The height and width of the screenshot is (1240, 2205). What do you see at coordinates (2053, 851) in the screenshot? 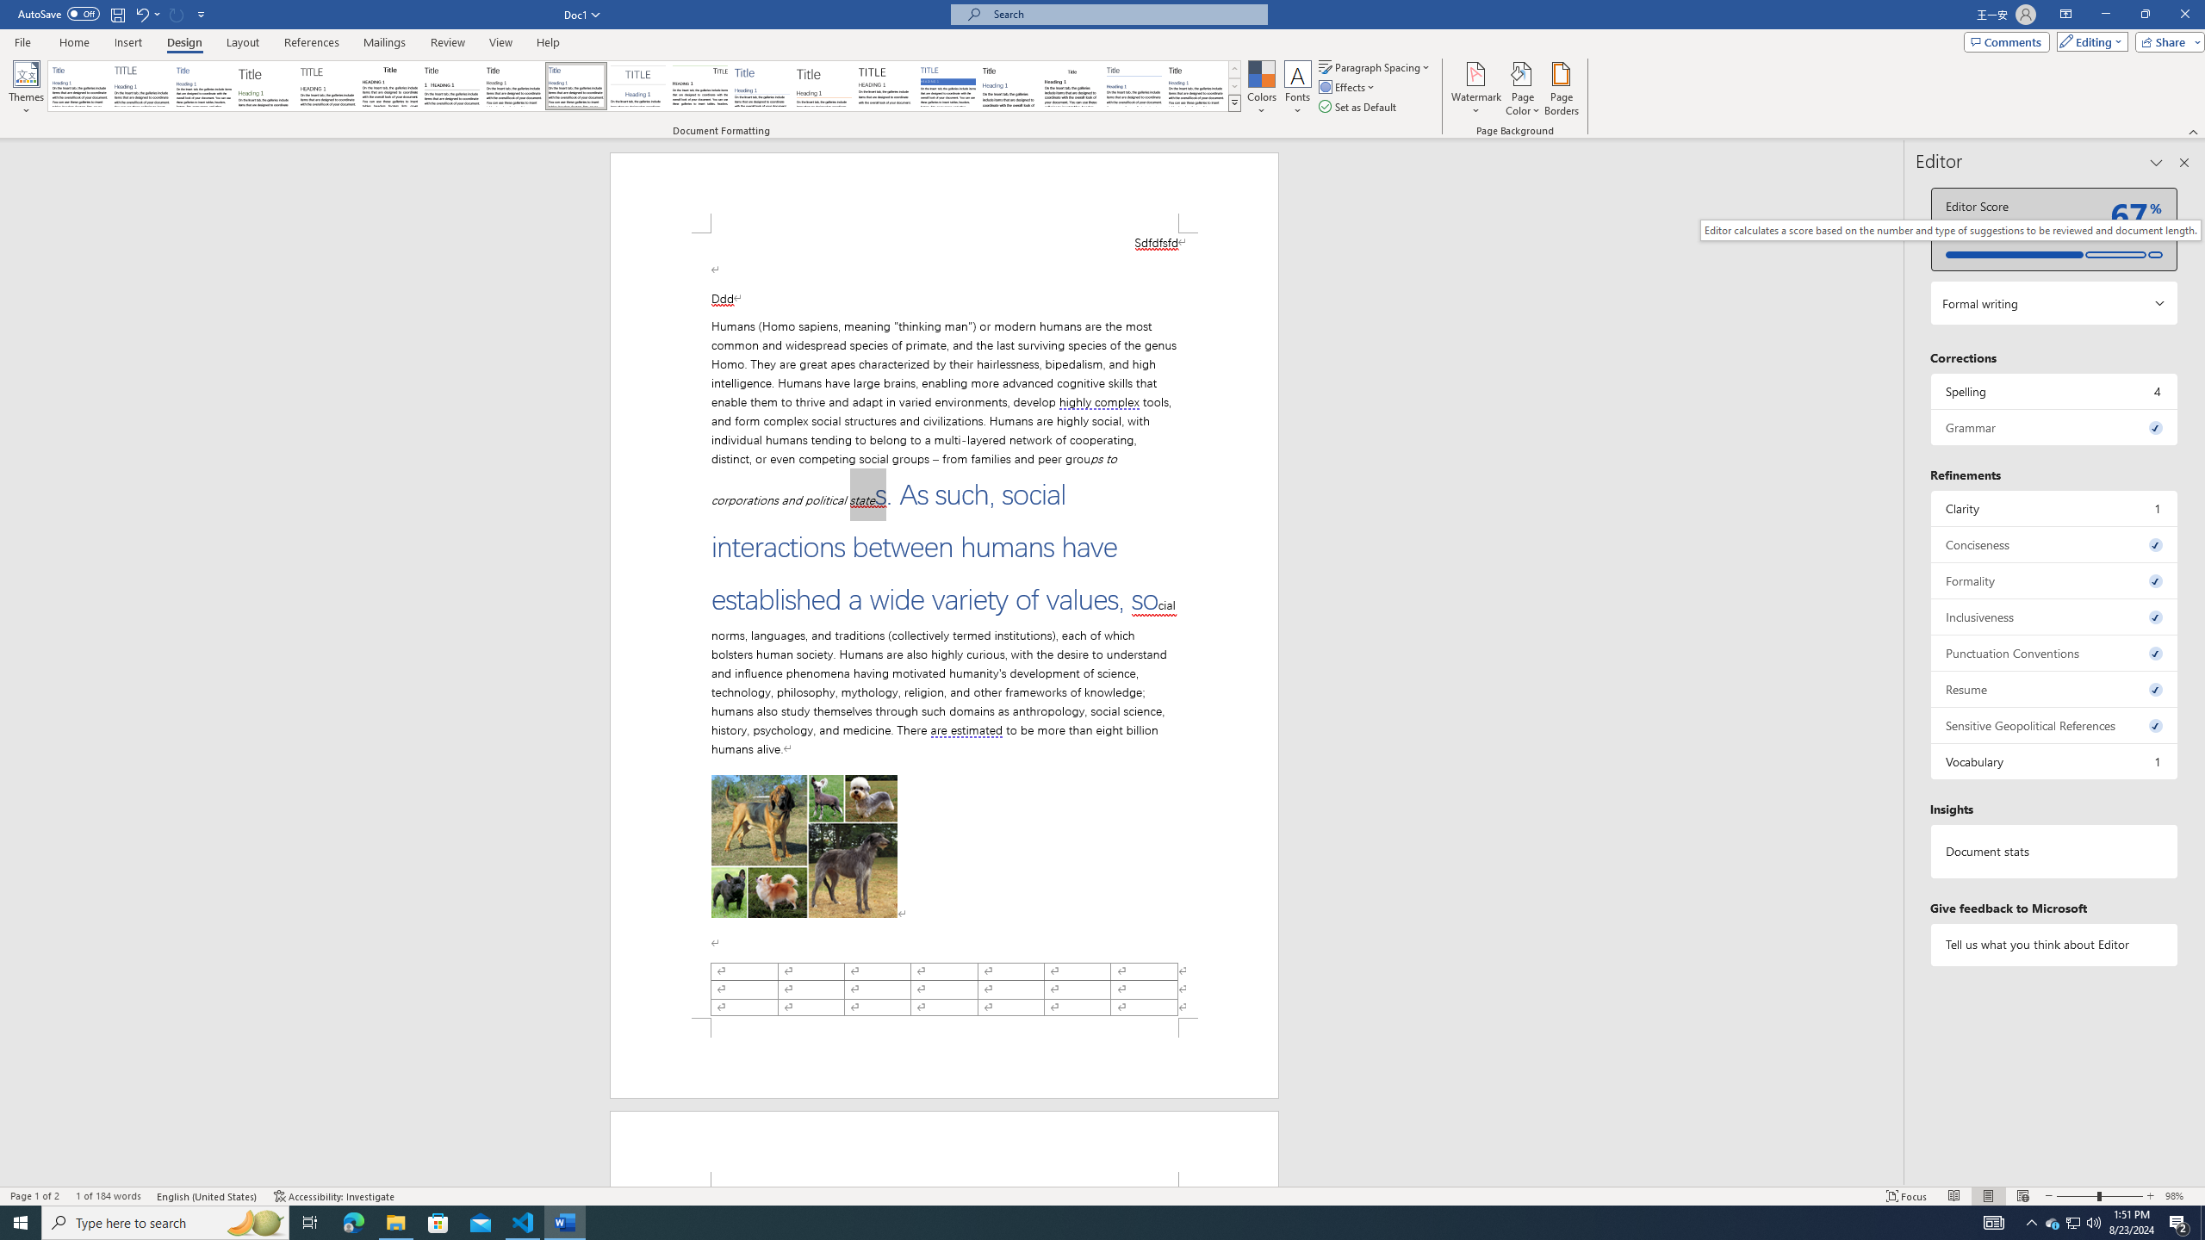
I see `'Document statistics'` at bounding box center [2053, 851].